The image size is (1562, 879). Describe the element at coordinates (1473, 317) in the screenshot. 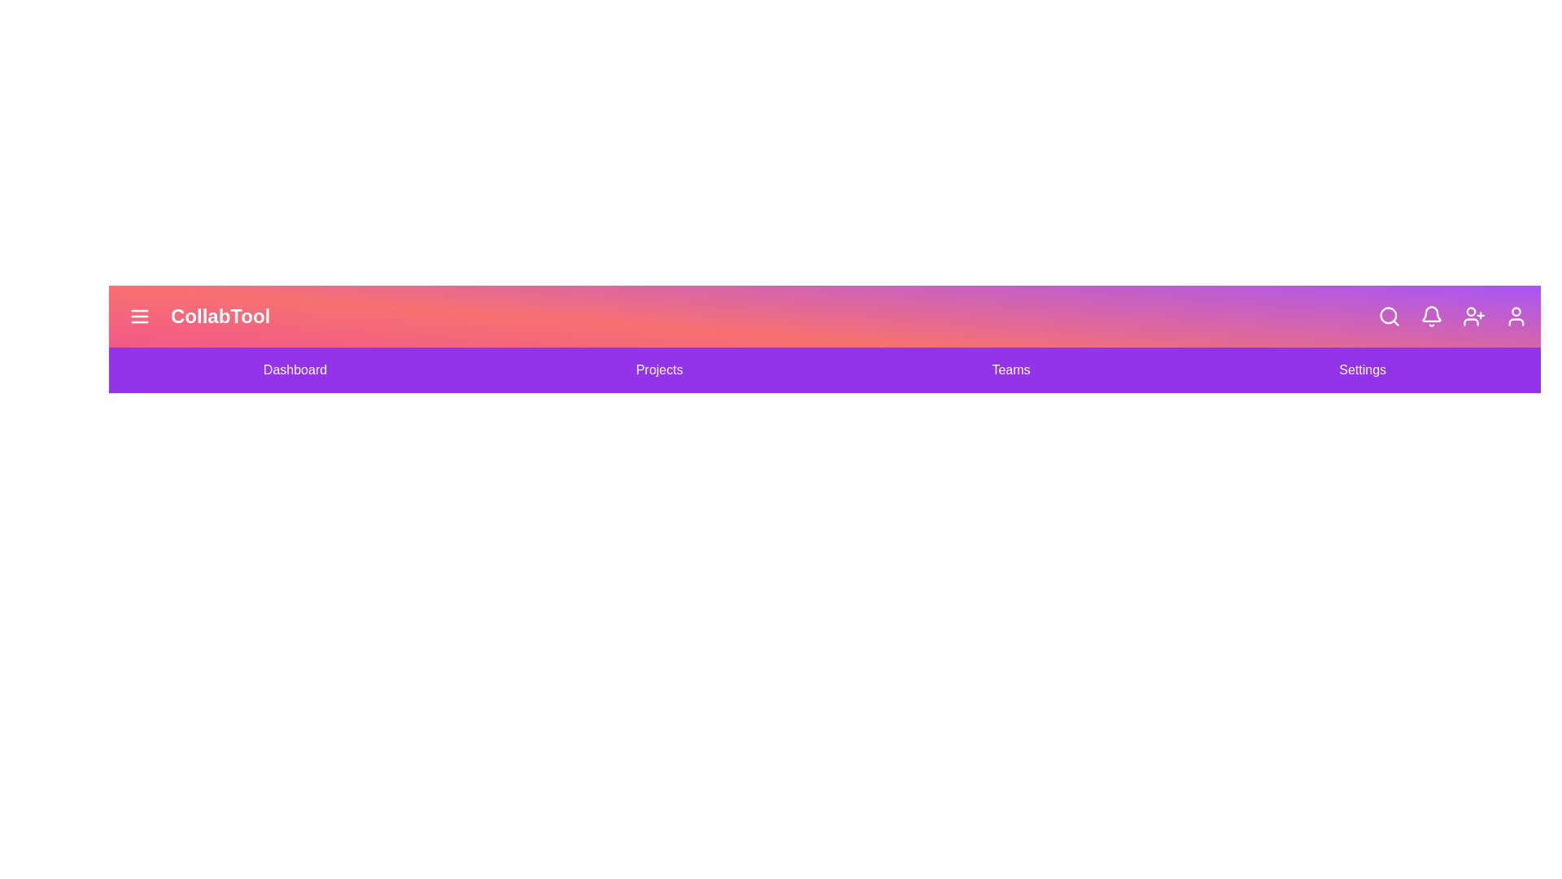

I see `the 'Add User' icon` at that location.